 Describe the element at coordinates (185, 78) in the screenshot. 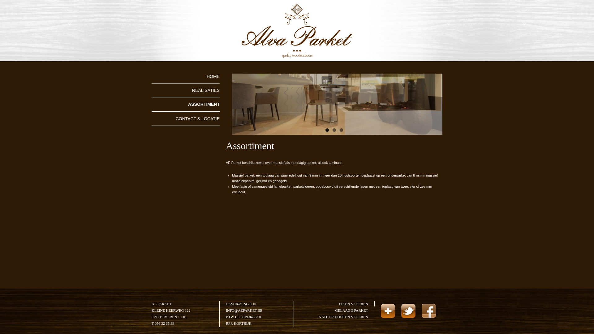

I see `'HOME'` at that location.